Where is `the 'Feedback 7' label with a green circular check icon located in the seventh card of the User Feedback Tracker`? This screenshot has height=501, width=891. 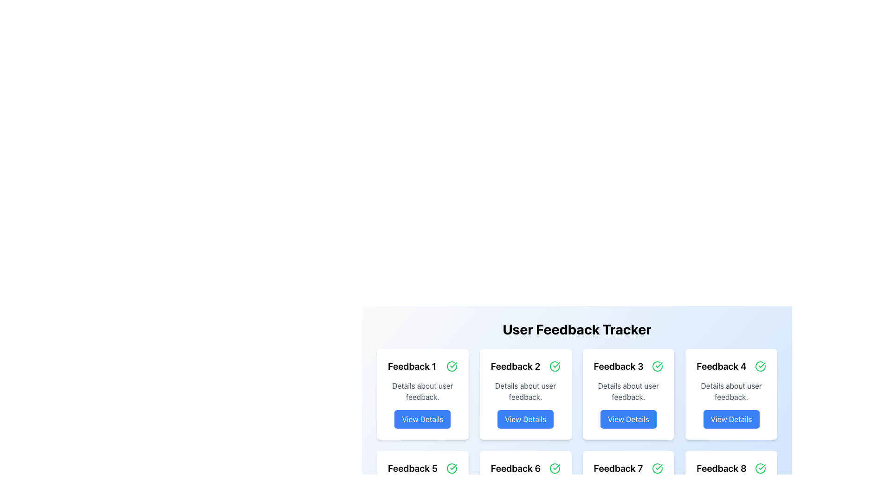 the 'Feedback 7' label with a green circular check icon located in the seventh card of the User Feedback Tracker is located at coordinates (628, 469).